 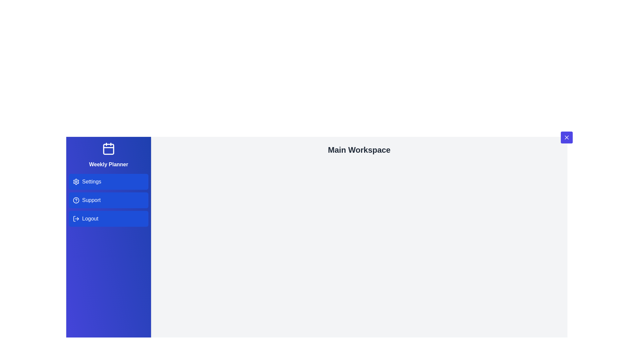 I want to click on the 'Logout' menu item, so click(x=108, y=219).